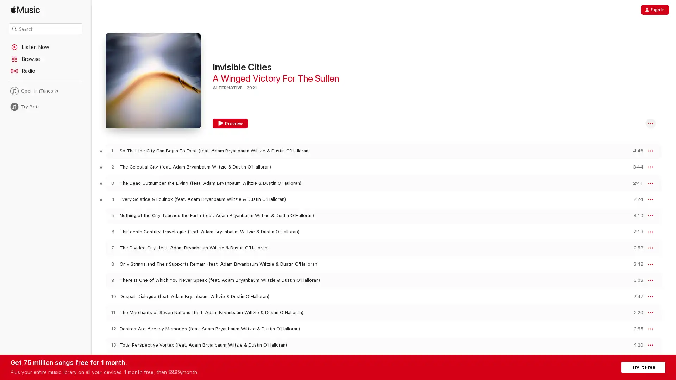 This screenshot has height=380, width=676. I want to click on Try It Free, so click(643, 366).